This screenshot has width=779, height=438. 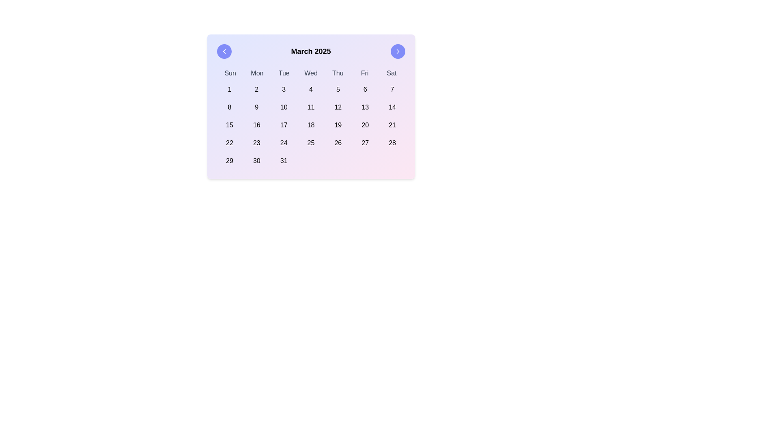 I want to click on the interactive day element displaying the number '22' in the calendar grid for March 2025, so click(x=229, y=143).